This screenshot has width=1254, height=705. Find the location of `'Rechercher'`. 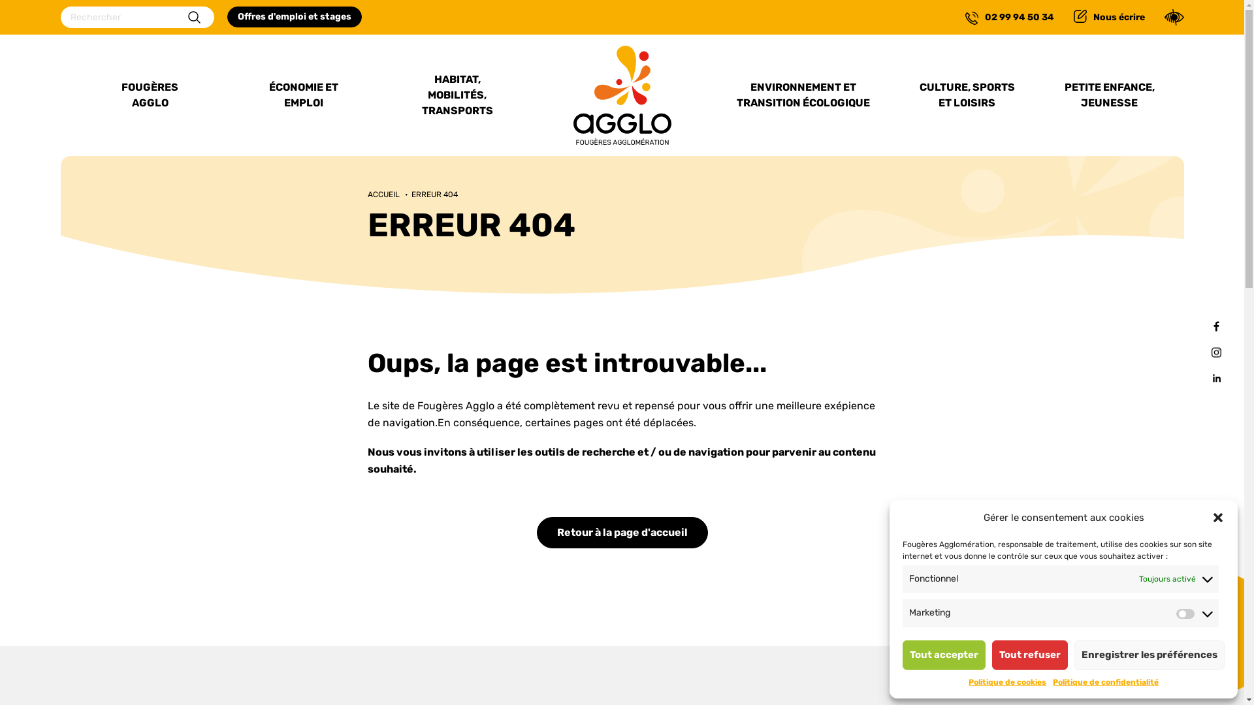

'Rechercher' is located at coordinates (174, 17).